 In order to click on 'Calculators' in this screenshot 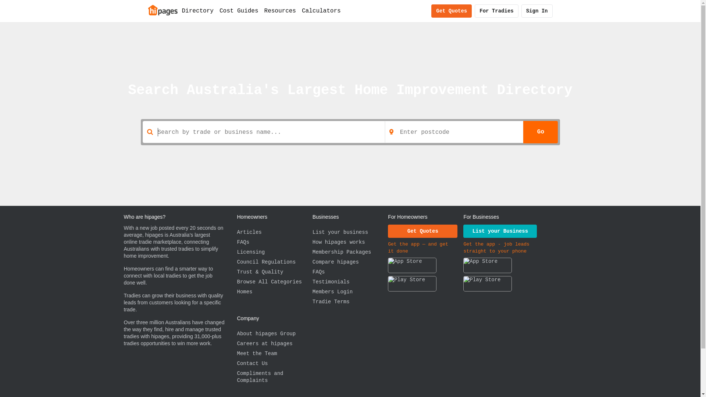, I will do `click(299, 11)`.